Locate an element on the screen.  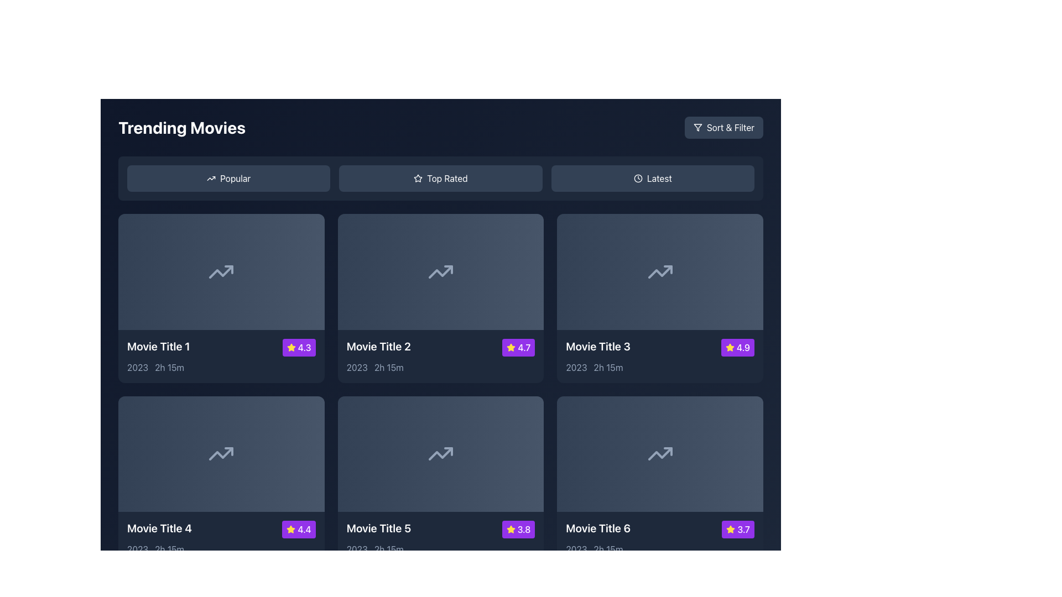
the informational text label displaying the duration of 'Movie Title 4' located in the bottom-left corner of the card is located at coordinates (169, 549).